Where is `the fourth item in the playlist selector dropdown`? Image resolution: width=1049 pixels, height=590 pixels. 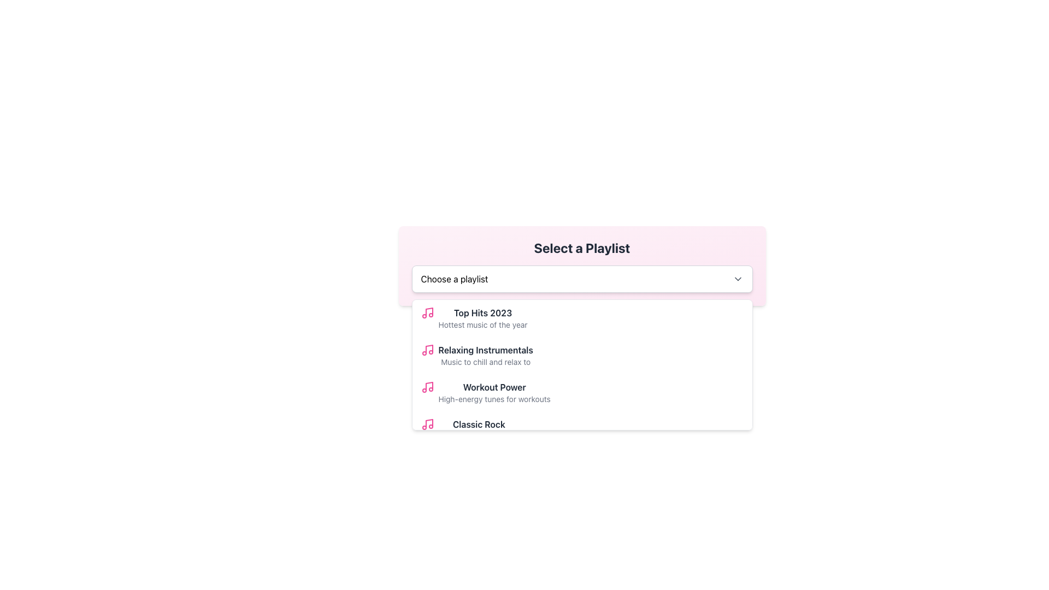 the fourth item in the playlist selector dropdown is located at coordinates (581, 429).